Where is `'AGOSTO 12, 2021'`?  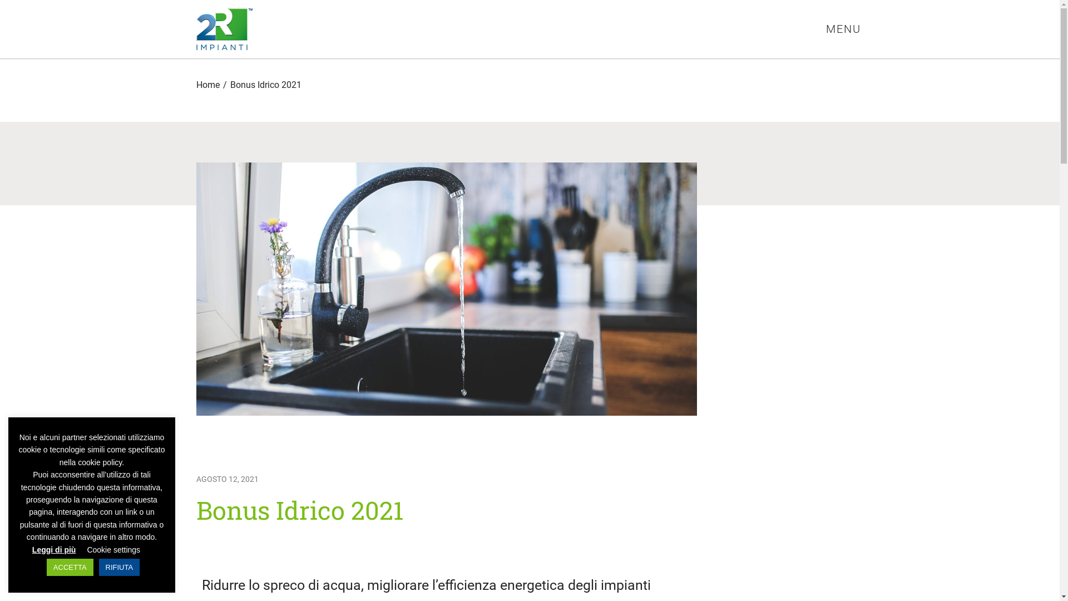 'AGOSTO 12, 2021' is located at coordinates (226, 479).